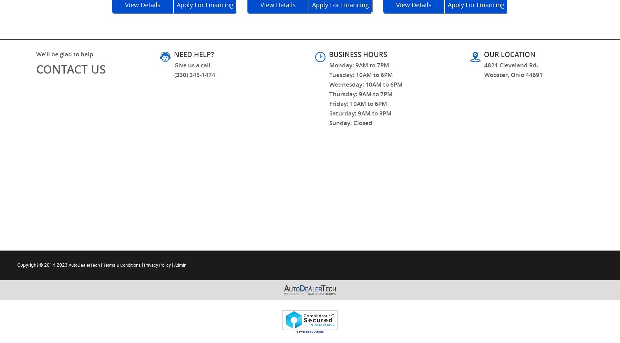 The image size is (620, 343). What do you see at coordinates (195, 74) in the screenshot?
I see `'(330) 345-1474'` at bounding box center [195, 74].